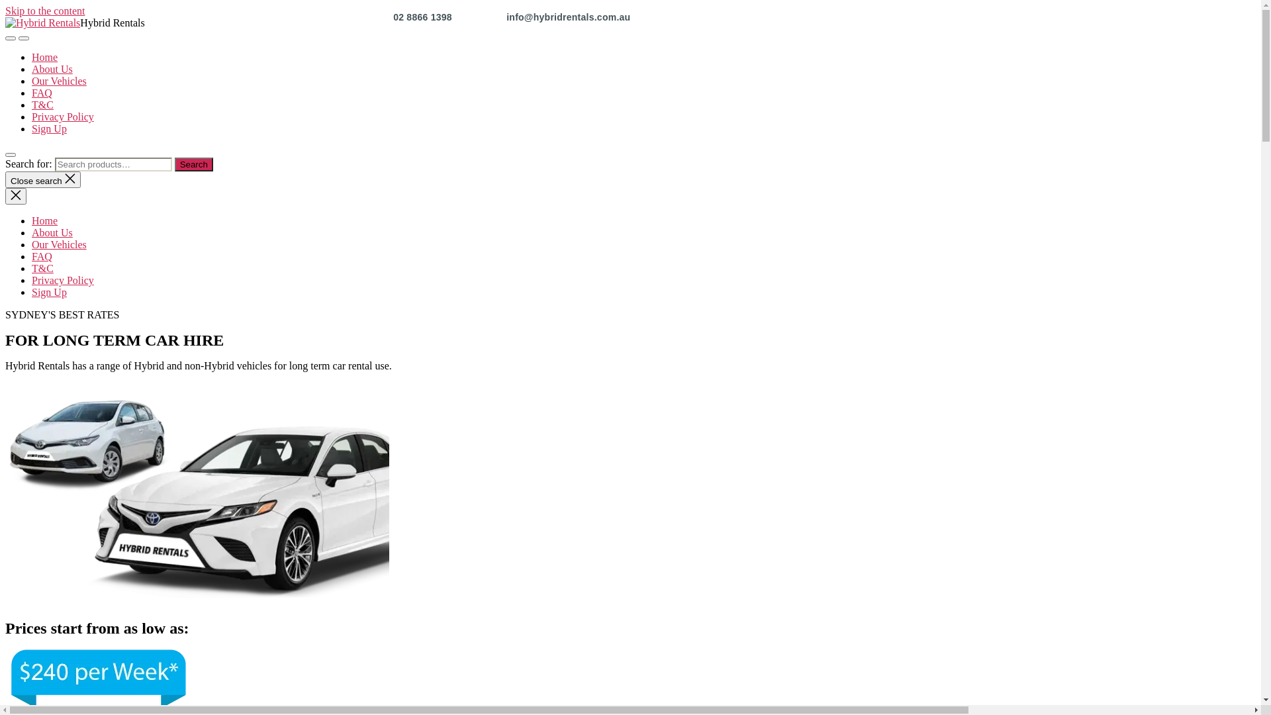 Image resolution: width=1271 pixels, height=715 pixels. Describe the element at coordinates (58, 81) in the screenshot. I see `'Our Vehicles'` at that location.